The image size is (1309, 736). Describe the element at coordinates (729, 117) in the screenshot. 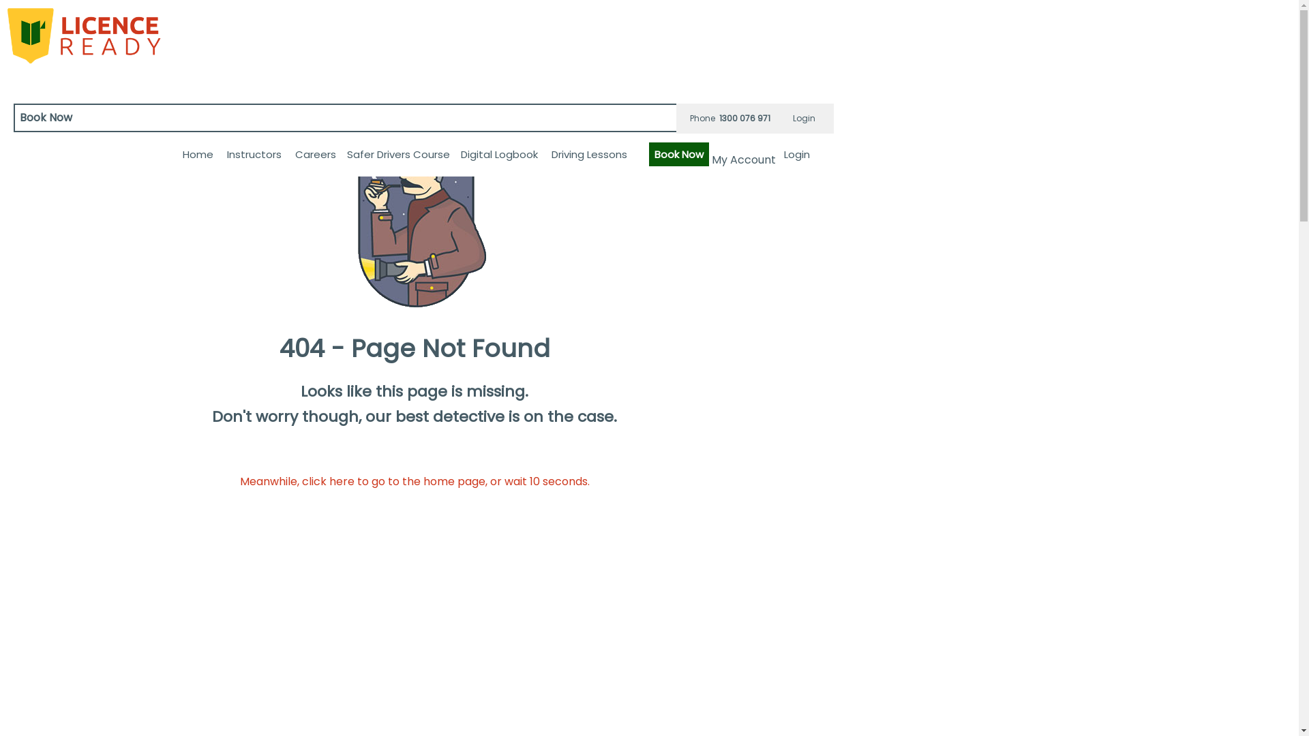

I see `'Phone  1300 076 971'` at that location.